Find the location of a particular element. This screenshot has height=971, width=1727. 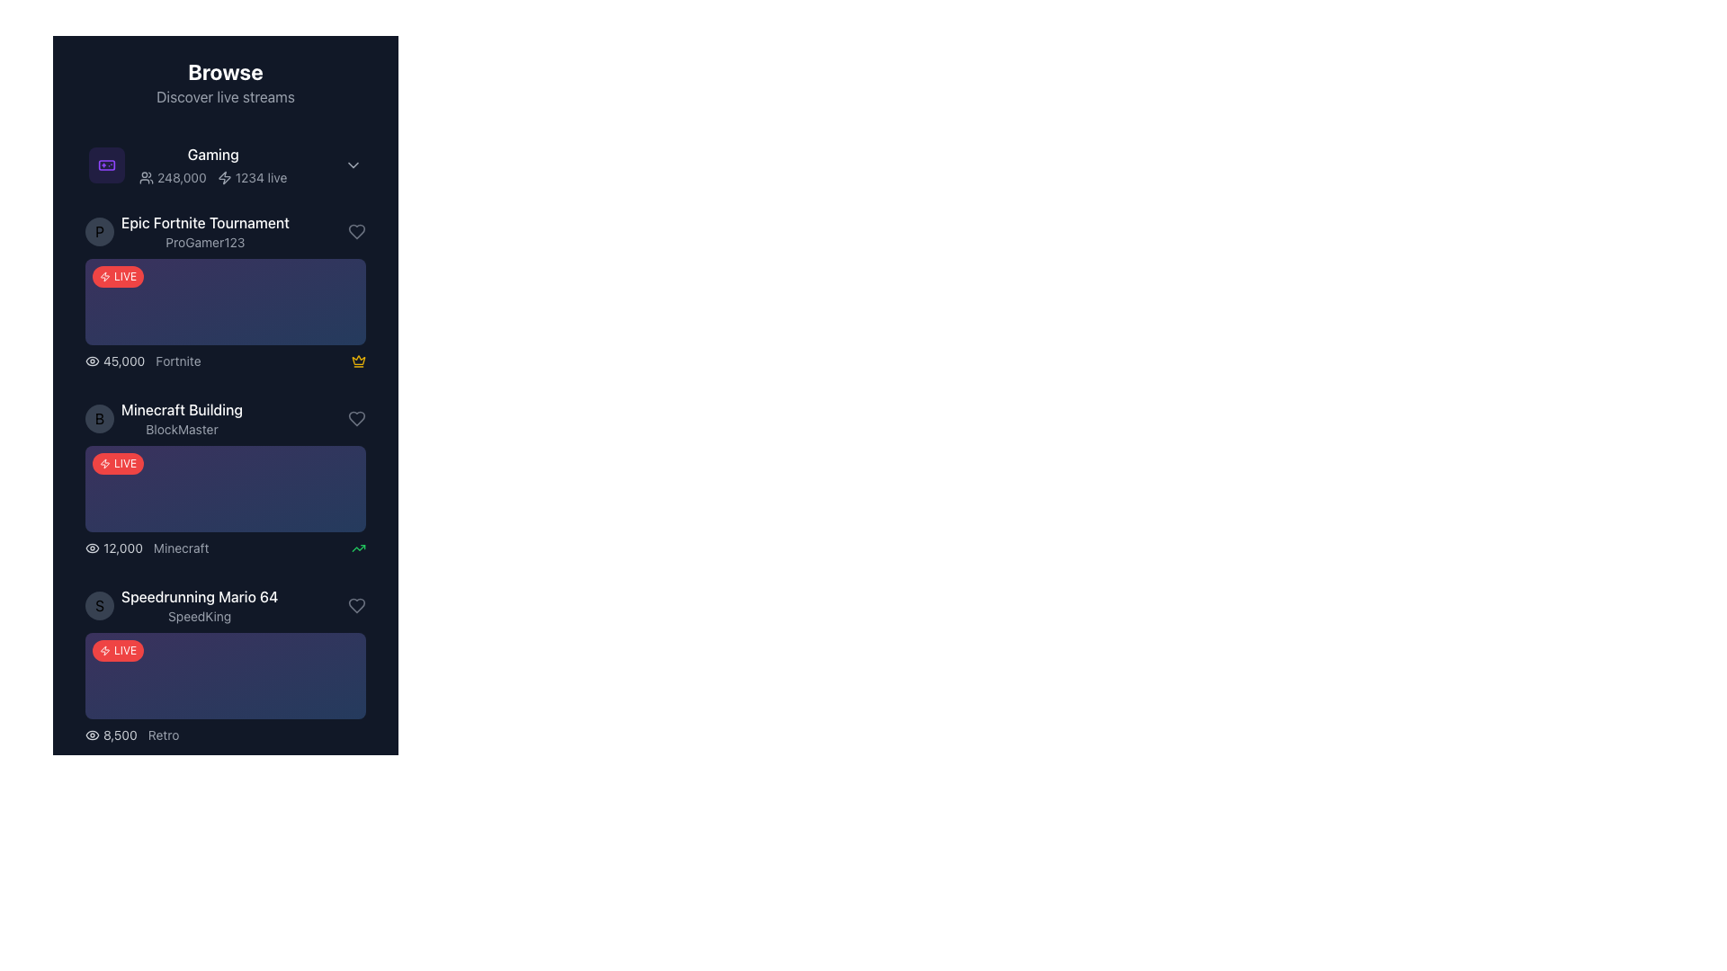

the live broadcast badge located at the top-left corner of the card, indicating that the content is currently being broadcasted live is located at coordinates (117, 651).